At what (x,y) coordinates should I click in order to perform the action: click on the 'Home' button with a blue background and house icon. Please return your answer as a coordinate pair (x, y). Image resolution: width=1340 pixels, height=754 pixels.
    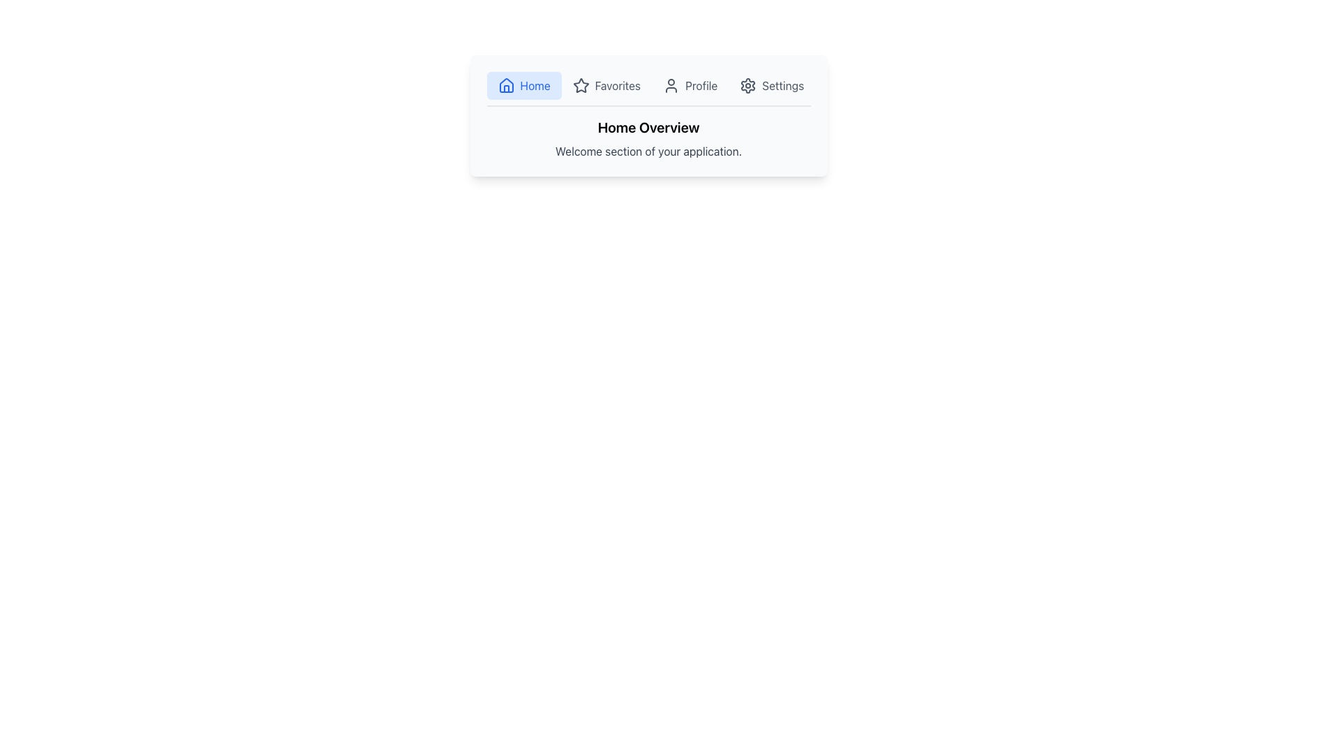
    Looking at the image, I should click on (523, 86).